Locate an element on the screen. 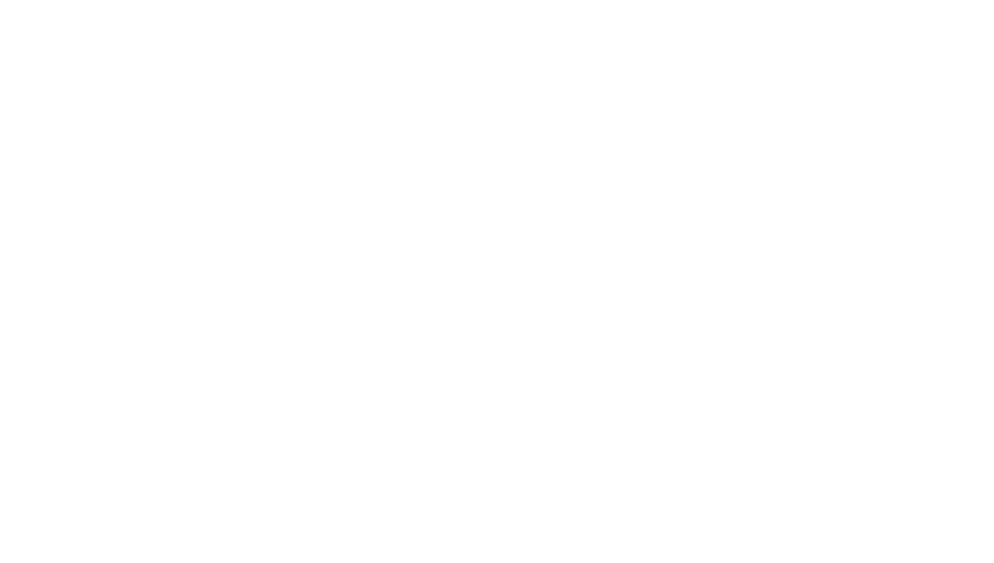 This screenshot has width=994, height=563. 'Roswell Pro Audio Aztec – A Mix Real-World Review' is located at coordinates (442, 460).